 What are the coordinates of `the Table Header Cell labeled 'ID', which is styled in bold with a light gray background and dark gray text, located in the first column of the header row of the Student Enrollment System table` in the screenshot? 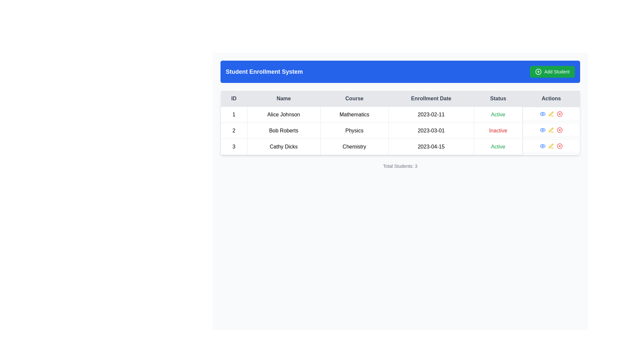 It's located at (234, 99).